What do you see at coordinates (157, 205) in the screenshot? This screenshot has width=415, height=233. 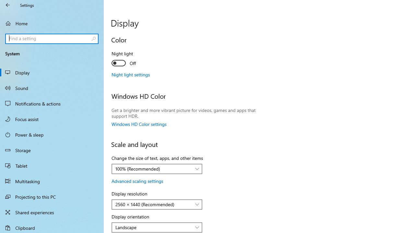 I see `'Display resolution'` at bounding box center [157, 205].